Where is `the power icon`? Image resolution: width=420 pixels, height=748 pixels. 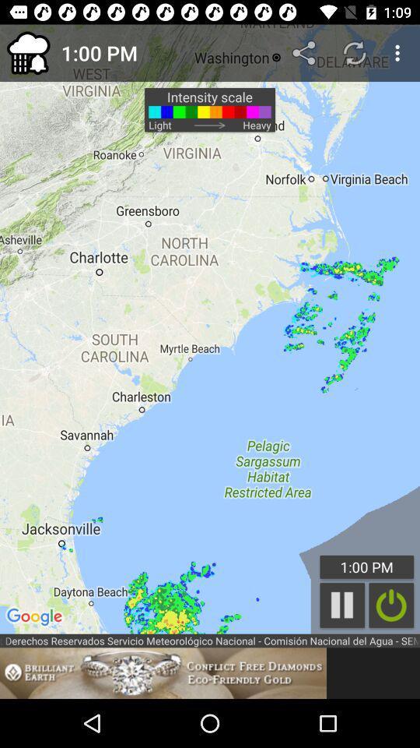
the power icon is located at coordinates (390, 605).